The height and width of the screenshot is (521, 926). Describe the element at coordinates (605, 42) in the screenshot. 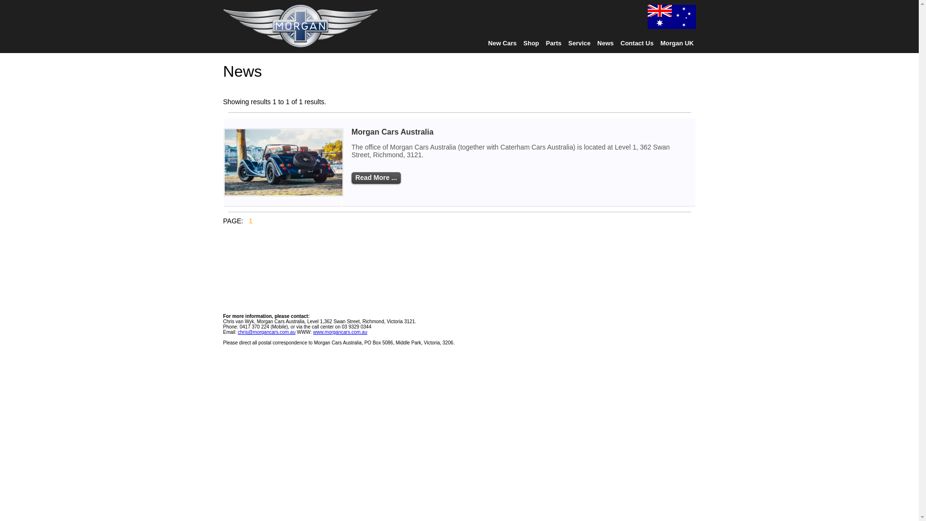

I see `'News'` at that location.